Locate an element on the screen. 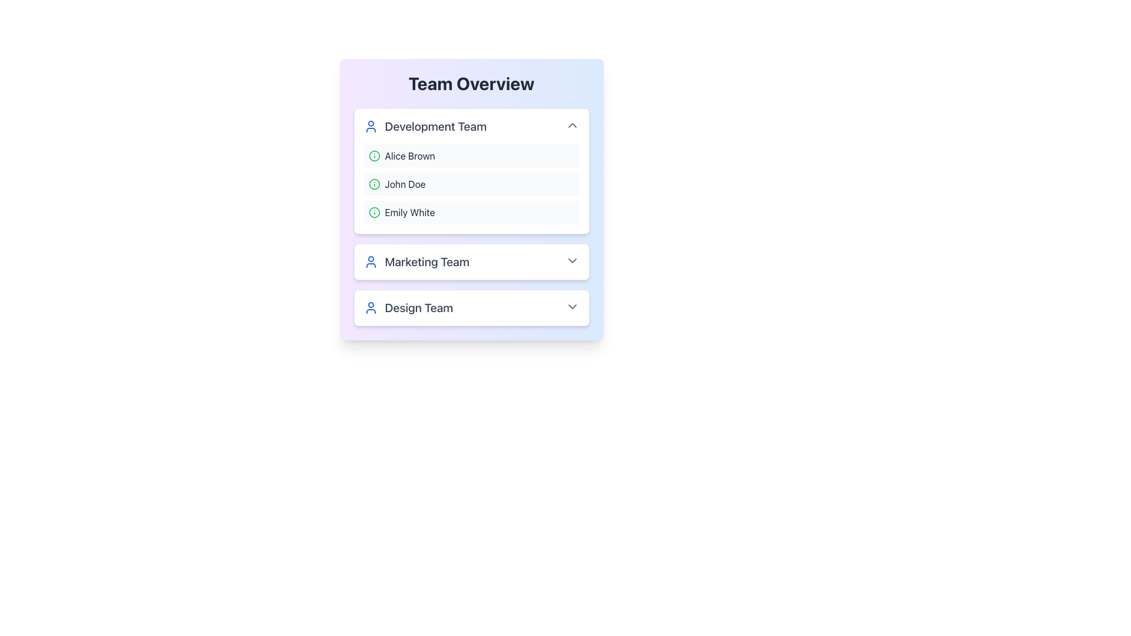 This screenshot has width=1131, height=636. the 'Marketing Team' clickable label with icon is located at coordinates (416, 261).